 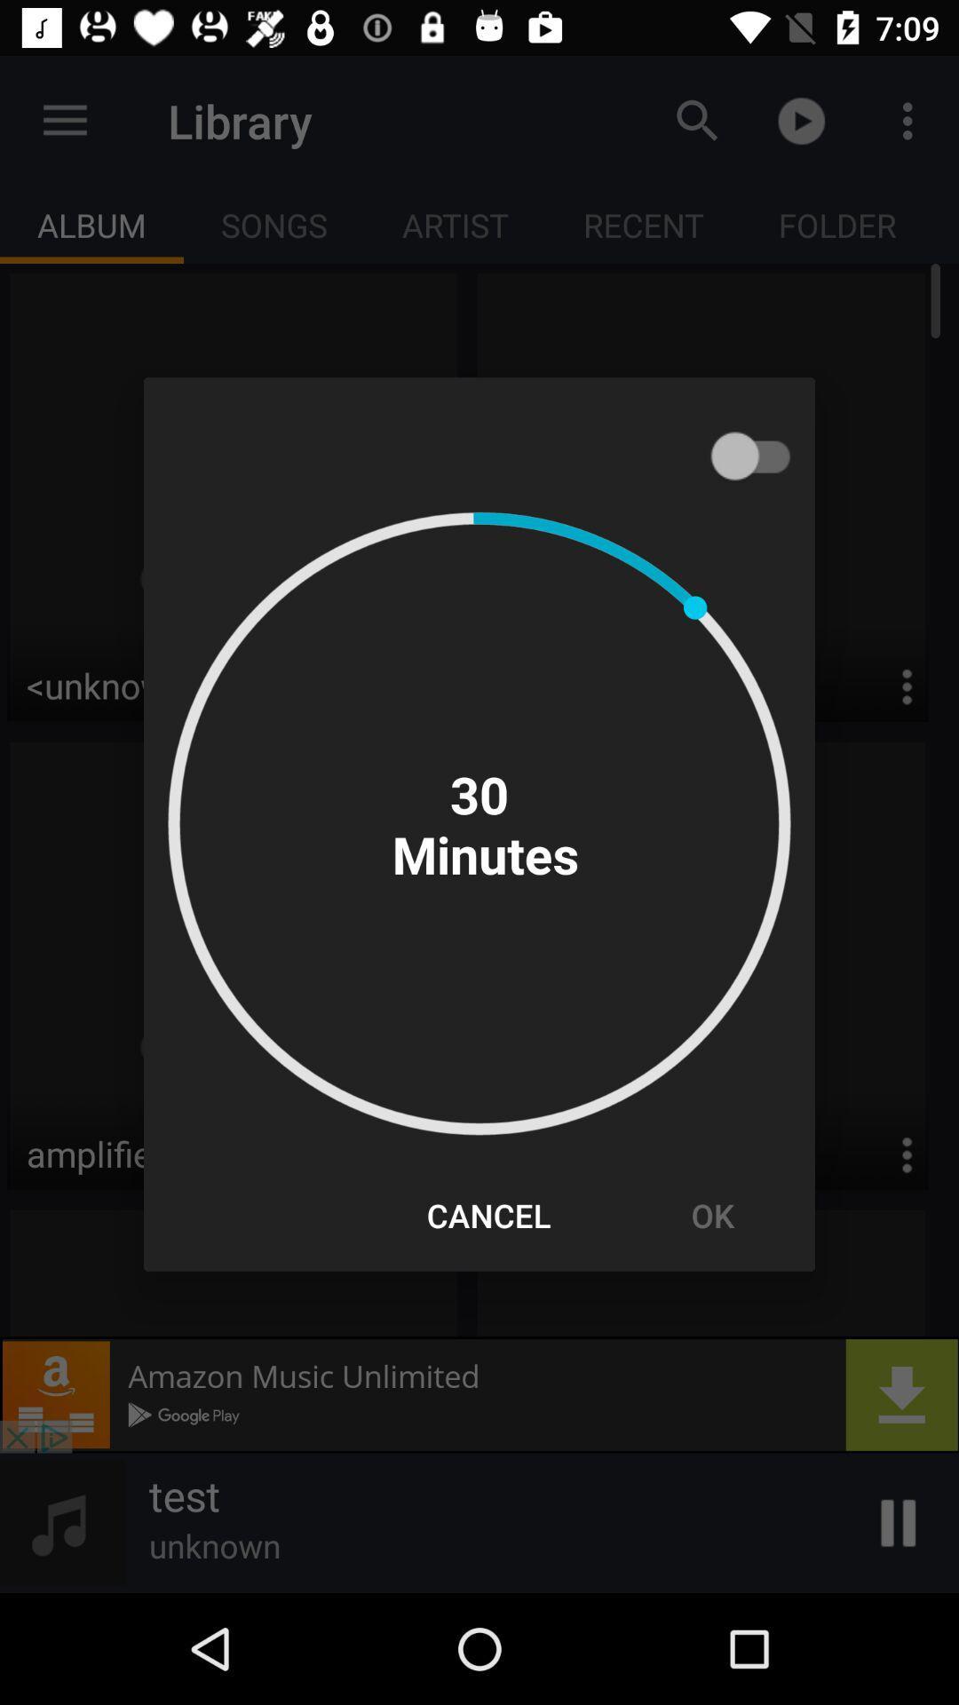 What do you see at coordinates (759, 456) in the screenshot?
I see `item at the top right corner` at bounding box center [759, 456].